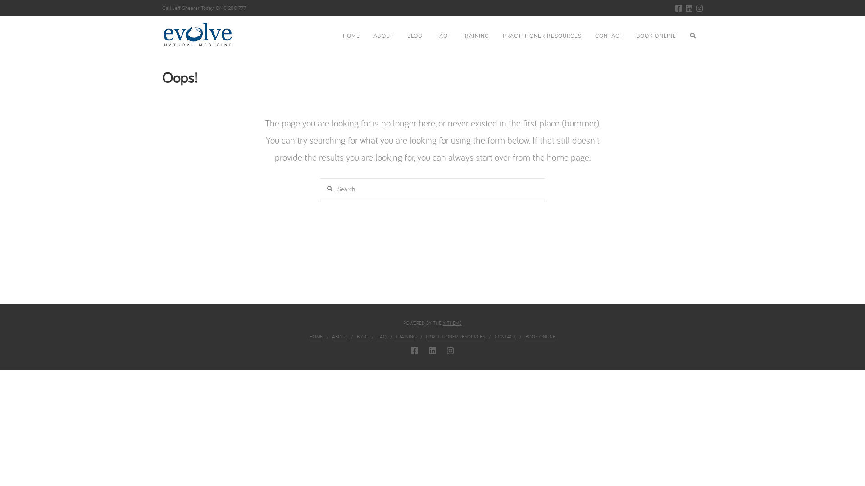 Image resolution: width=865 pixels, height=486 pixels. What do you see at coordinates (442, 36) in the screenshot?
I see `'FAQ'` at bounding box center [442, 36].